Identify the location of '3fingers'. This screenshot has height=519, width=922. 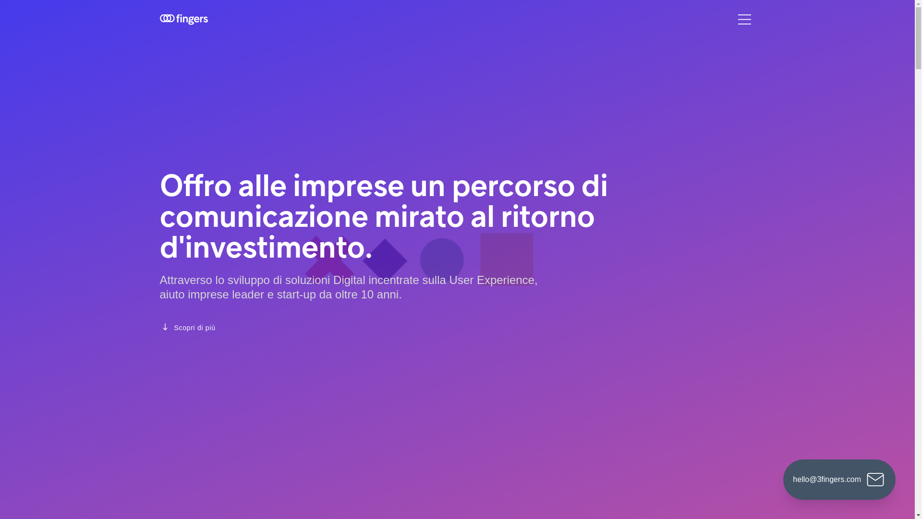
(183, 19).